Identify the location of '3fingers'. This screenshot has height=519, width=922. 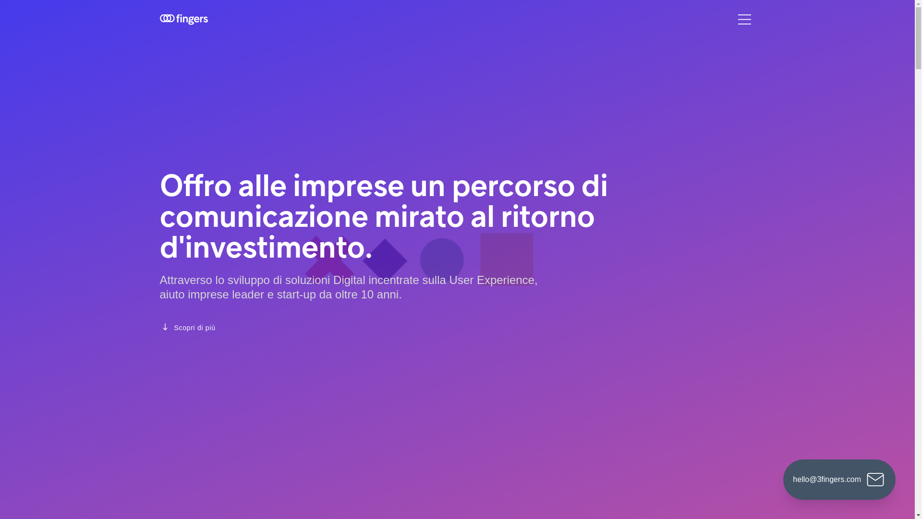
(183, 19).